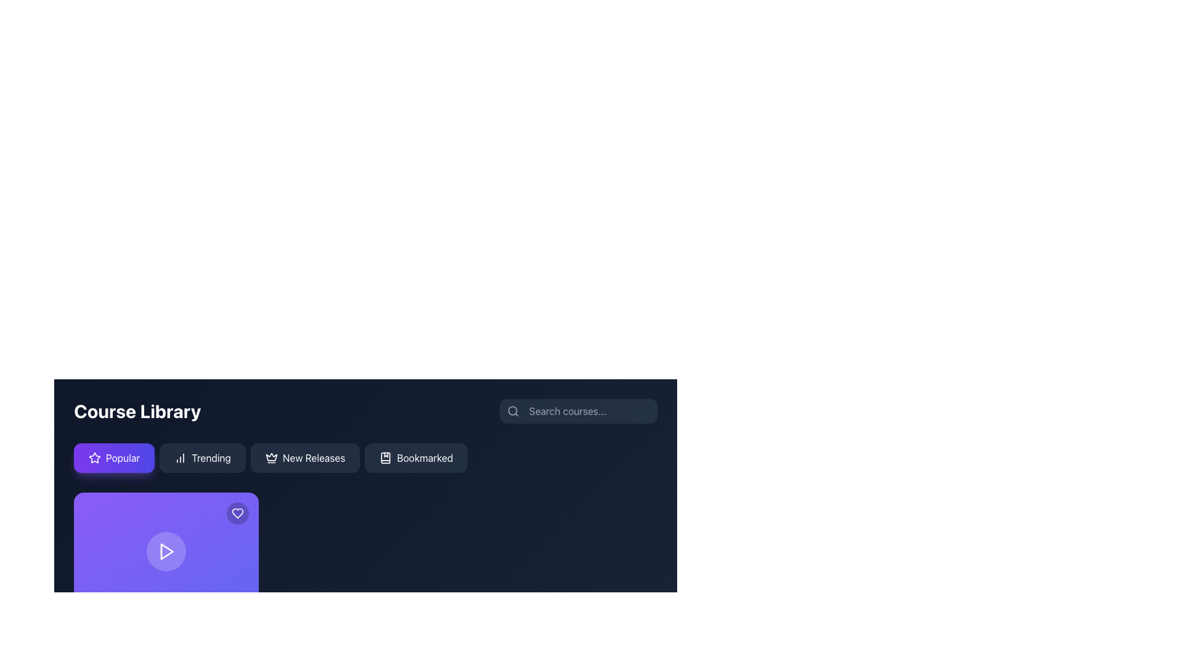  I want to click on the crown icon located within the 'New Releases' button, which indicates premium status and is positioned between the 'Trending' and 'Bookmarked' buttons at the top center of the interface, so click(271, 458).